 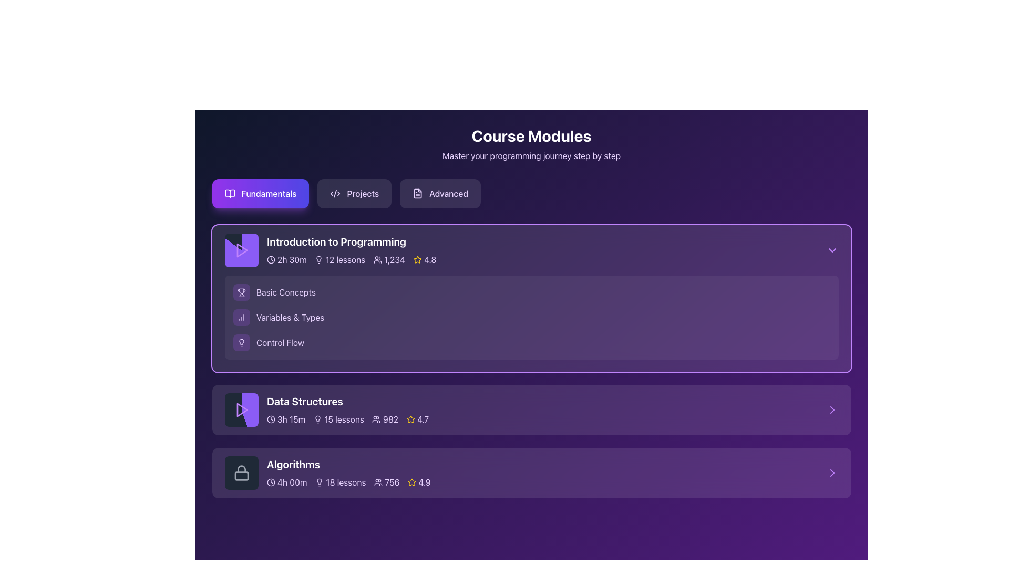 What do you see at coordinates (417, 259) in the screenshot?
I see `the star rating icon located in the top course module section, adjacent to the rating score '4.8'` at bounding box center [417, 259].